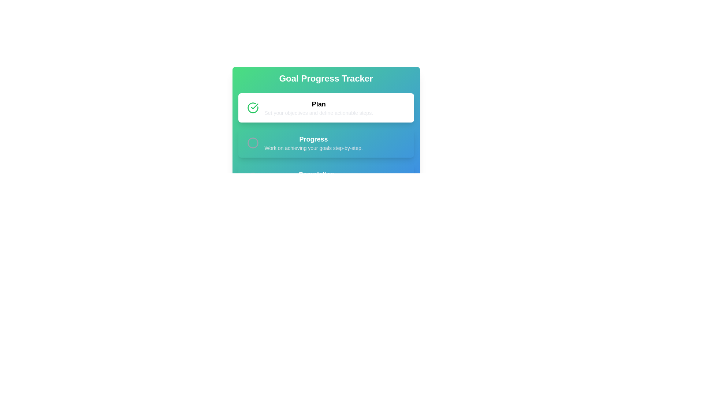 This screenshot has height=395, width=703. I want to click on the descriptive text element located below the 'Progress' heading, which provides additional context related to the 'Progress' section, so click(313, 148).